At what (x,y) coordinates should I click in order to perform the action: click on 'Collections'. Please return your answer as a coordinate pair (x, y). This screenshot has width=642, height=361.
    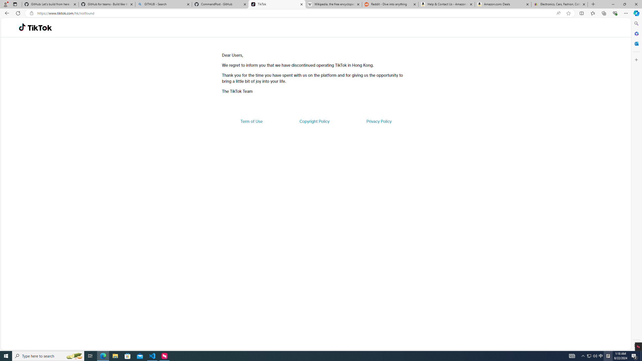
    Looking at the image, I should click on (603, 13).